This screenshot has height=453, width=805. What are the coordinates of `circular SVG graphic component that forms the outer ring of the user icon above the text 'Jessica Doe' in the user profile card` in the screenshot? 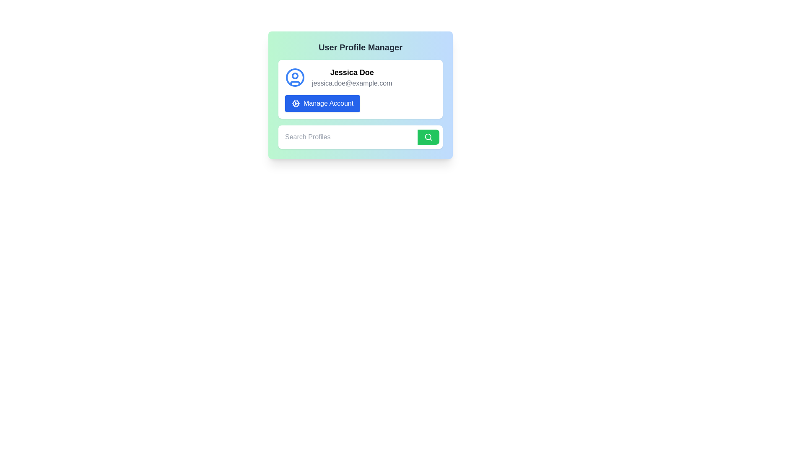 It's located at (295, 78).